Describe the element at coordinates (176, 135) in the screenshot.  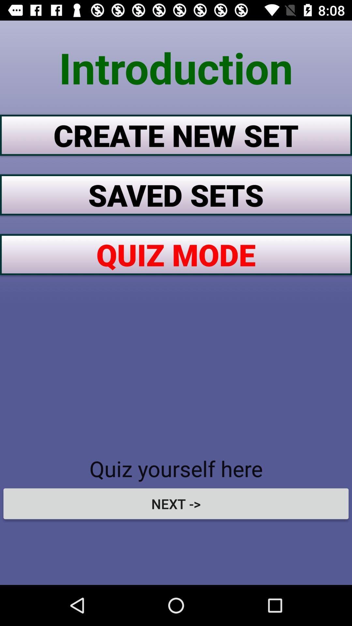
I see `create new set button` at that location.